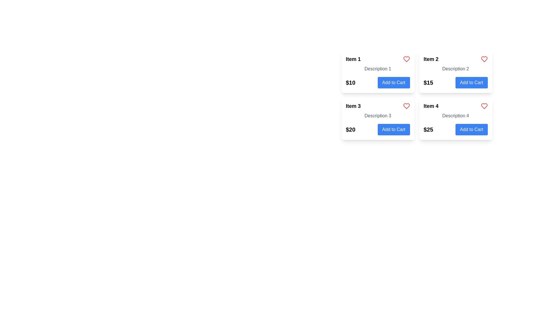 Image resolution: width=549 pixels, height=309 pixels. What do you see at coordinates (484, 106) in the screenshot?
I see `the red heart-shaped icon located` at bounding box center [484, 106].